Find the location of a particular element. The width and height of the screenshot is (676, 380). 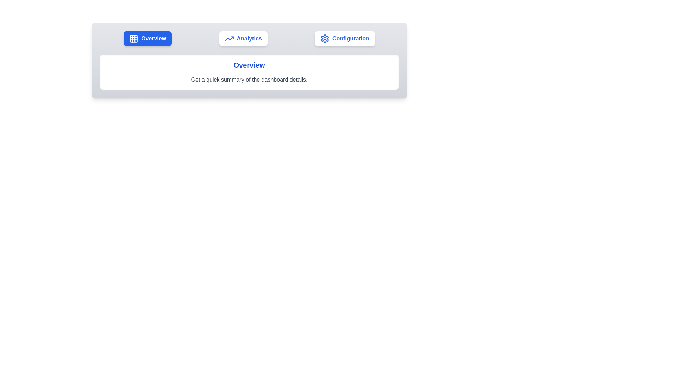

the Configuration tab by clicking on it is located at coordinates (345, 39).